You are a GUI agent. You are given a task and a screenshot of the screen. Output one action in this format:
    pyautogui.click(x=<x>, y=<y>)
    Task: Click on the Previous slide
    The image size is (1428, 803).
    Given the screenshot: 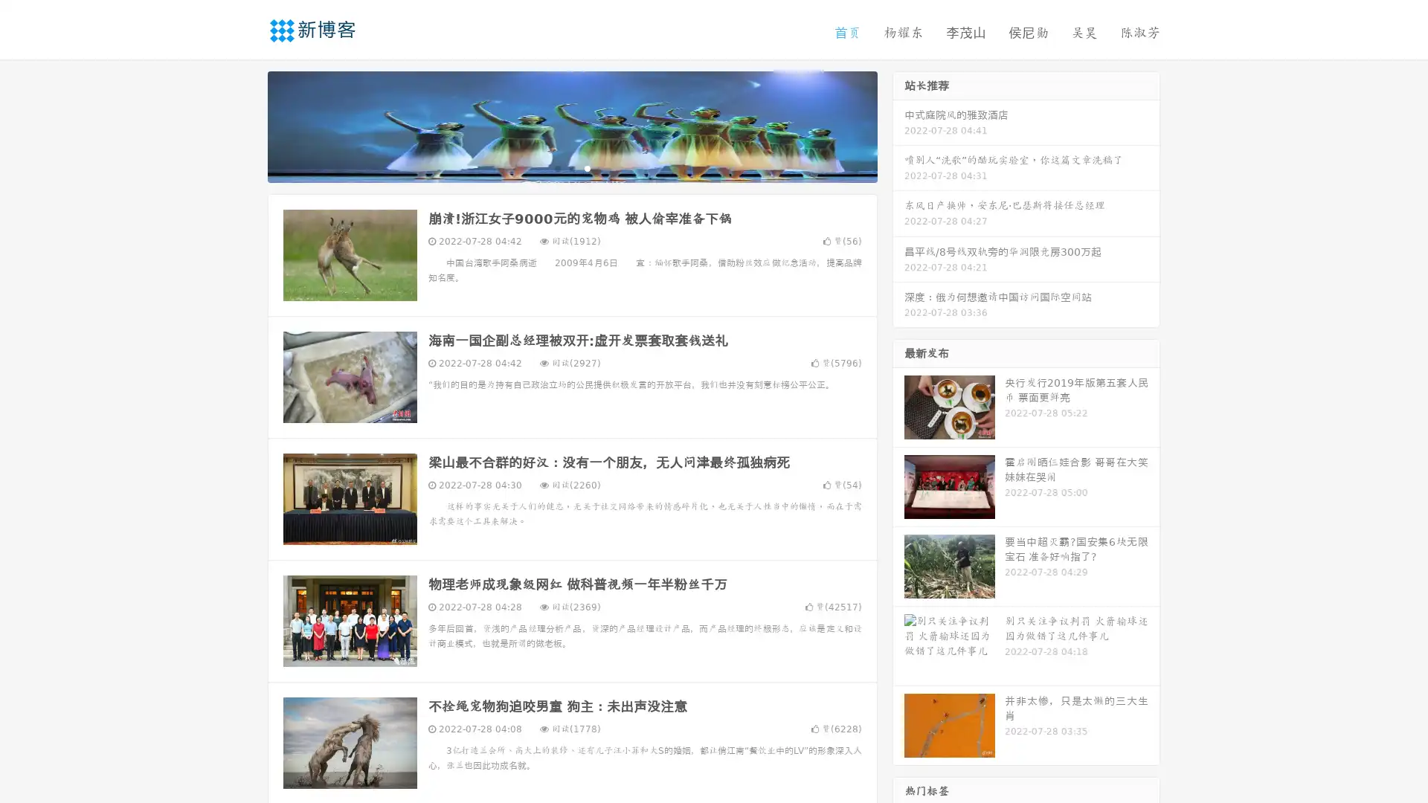 What is the action you would take?
    pyautogui.click(x=245, y=125)
    